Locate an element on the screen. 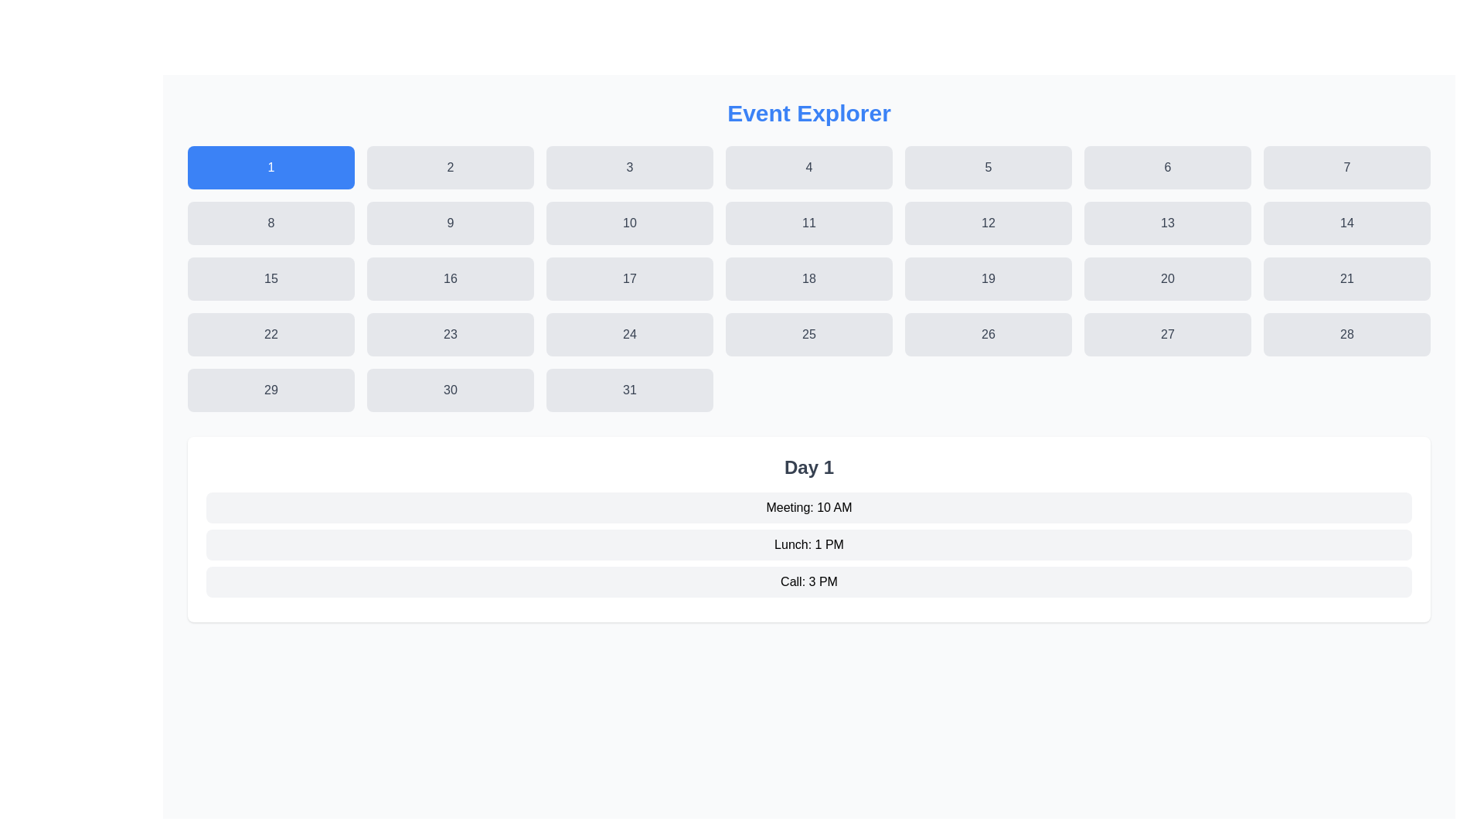 Image resolution: width=1484 pixels, height=835 pixels. the interactive button representing the number '14' located in the grid layout as the 7th button in the second row is located at coordinates (1346, 223).